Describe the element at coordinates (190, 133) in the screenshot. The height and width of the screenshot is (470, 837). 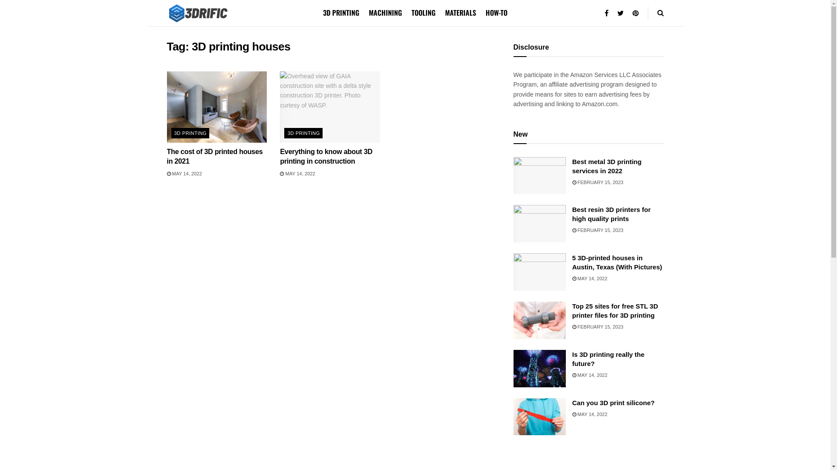
I see `'3D PRINTING'` at that location.